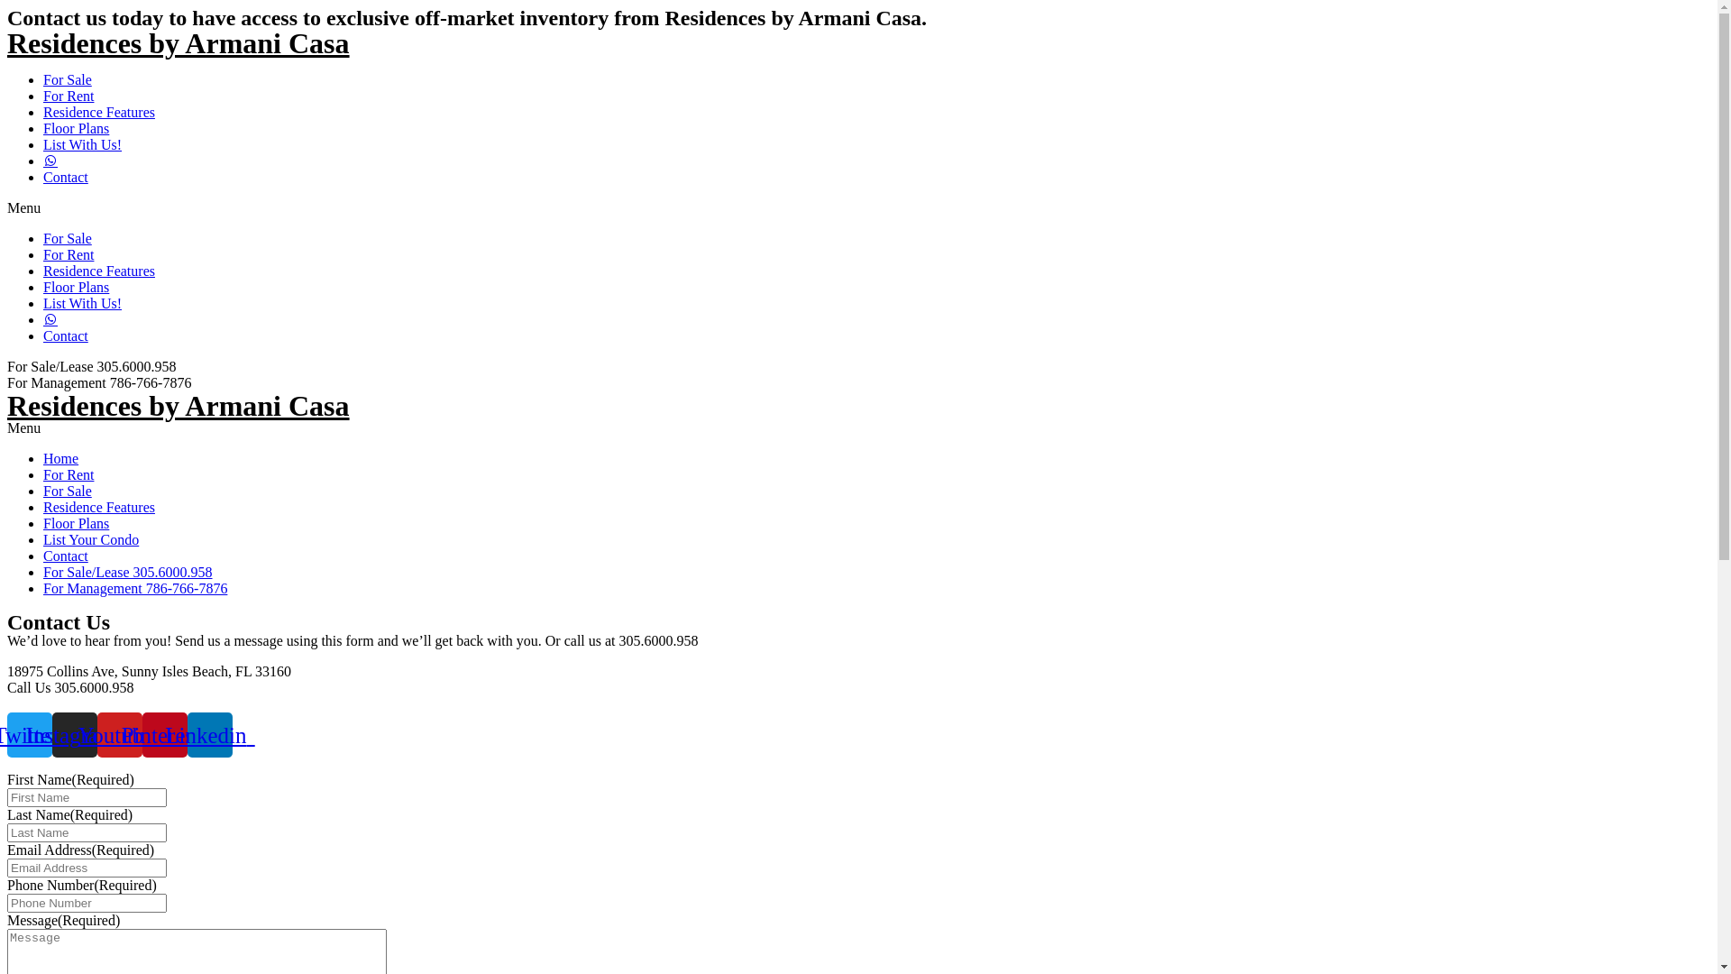  What do you see at coordinates (127, 572) in the screenshot?
I see `'For Sale/Lease 305.6000.958'` at bounding box center [127, 572].